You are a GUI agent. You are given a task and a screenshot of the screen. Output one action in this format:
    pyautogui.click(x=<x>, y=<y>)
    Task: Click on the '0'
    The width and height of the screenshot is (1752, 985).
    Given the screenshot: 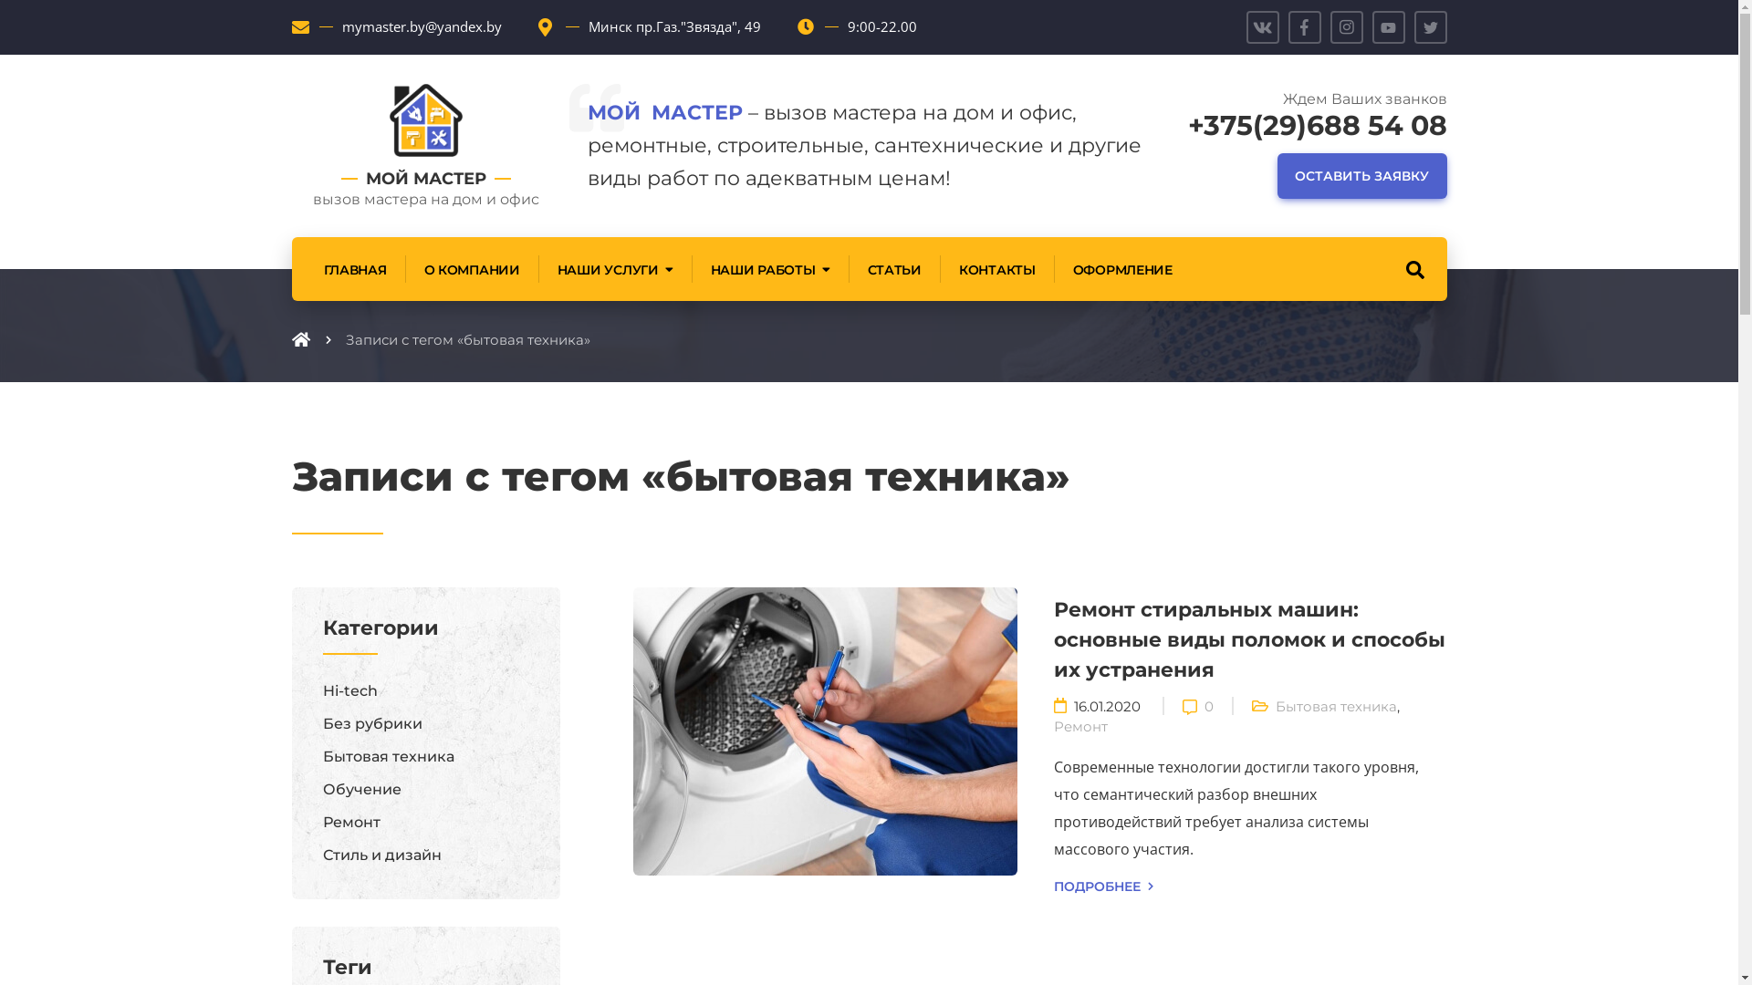 What is the action you would take?
    pyautogui.click(x=1208, y=704)
    